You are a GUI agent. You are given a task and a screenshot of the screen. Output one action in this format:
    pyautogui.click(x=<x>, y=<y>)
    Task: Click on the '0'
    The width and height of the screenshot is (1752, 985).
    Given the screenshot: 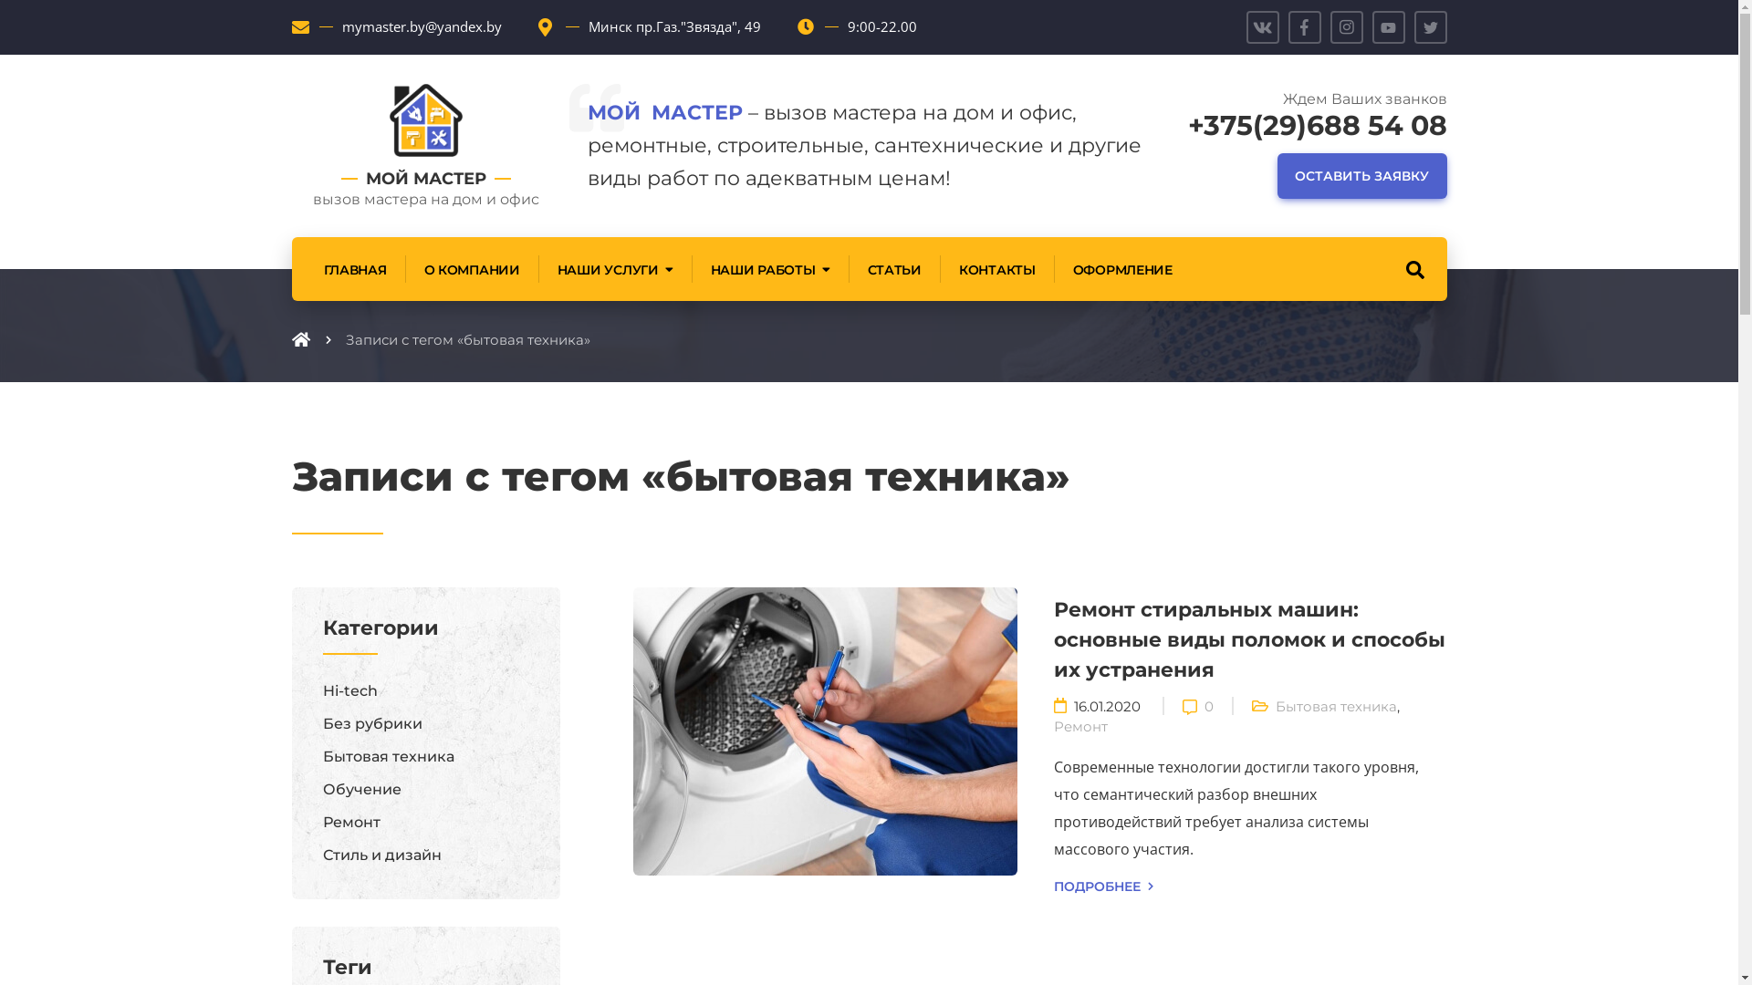 What is the action you would take?
    pyautogui.click(x=1208, y=704)
    